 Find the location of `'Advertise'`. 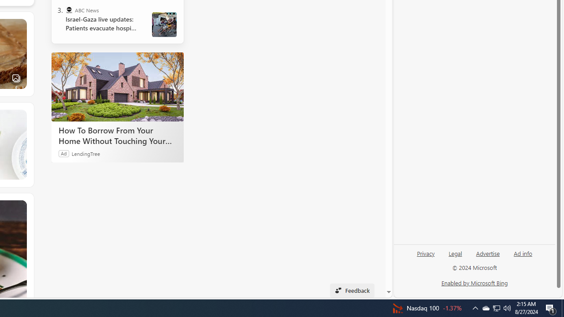

'Advertise' is located at coordinates (487, 257).